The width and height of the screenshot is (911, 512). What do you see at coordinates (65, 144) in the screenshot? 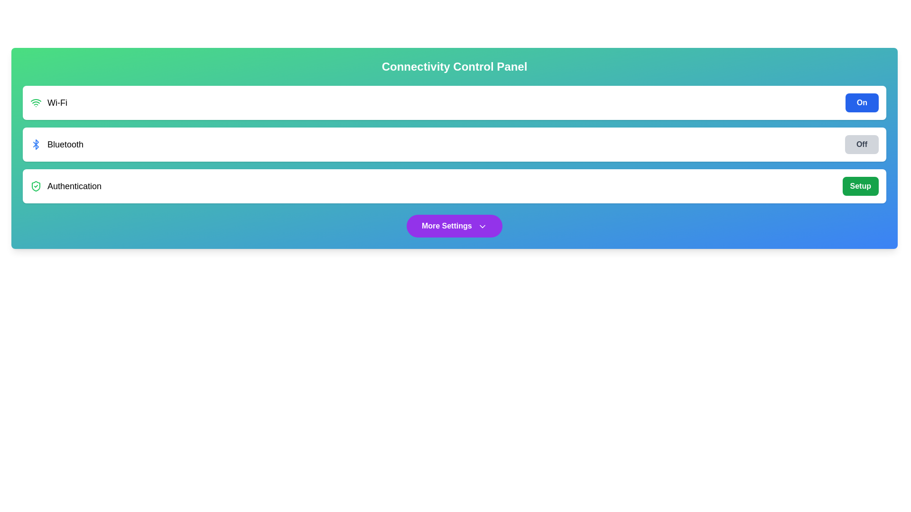
I see `text label displaying 'Bluetooth' that is positioned in the second row of the list of connectivity options, adjacent to the Bluetooth icon` at bounding box center [65, 144].